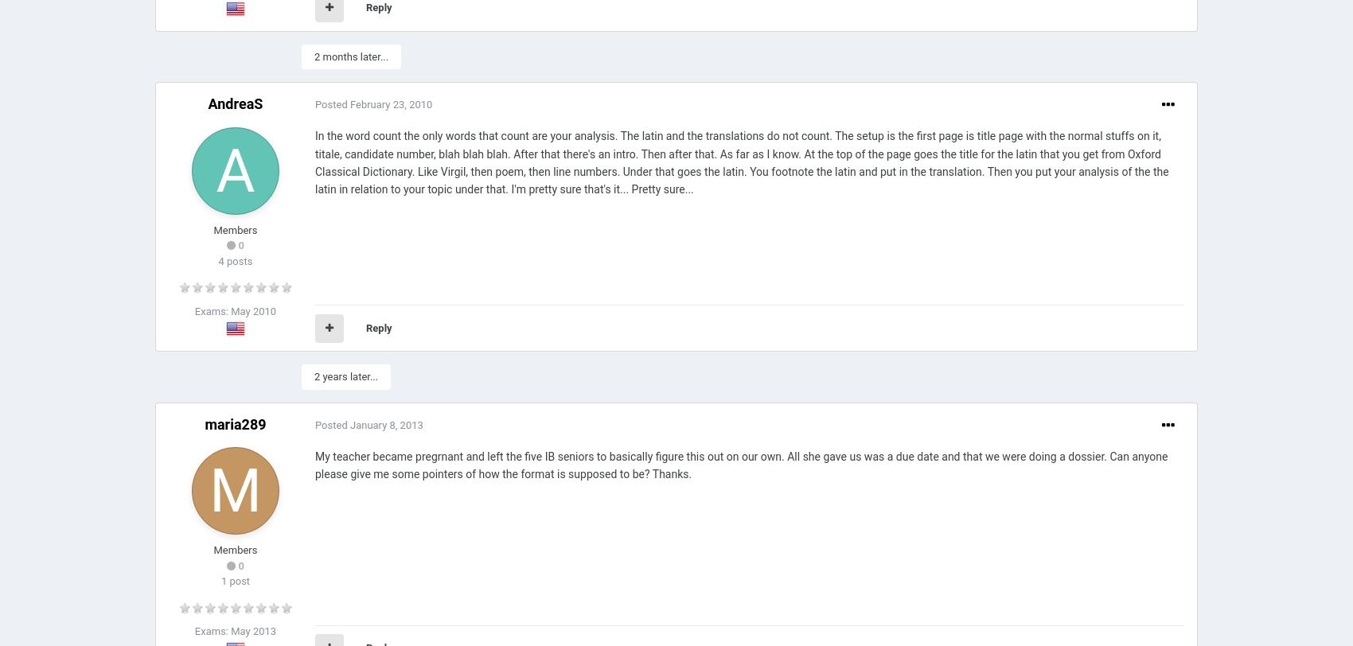  Describe the element at coordinates (390, 104) in the screenshot. I see `'February 23, 2010'` at that location.